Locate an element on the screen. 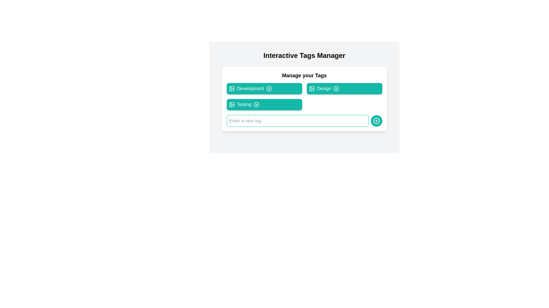  the appearance of the SVG circle shape that symbolizes a delete or close action within the 'Design' tag component, aligned with an 'X' mark on the right is located at coordinates (336, 89).